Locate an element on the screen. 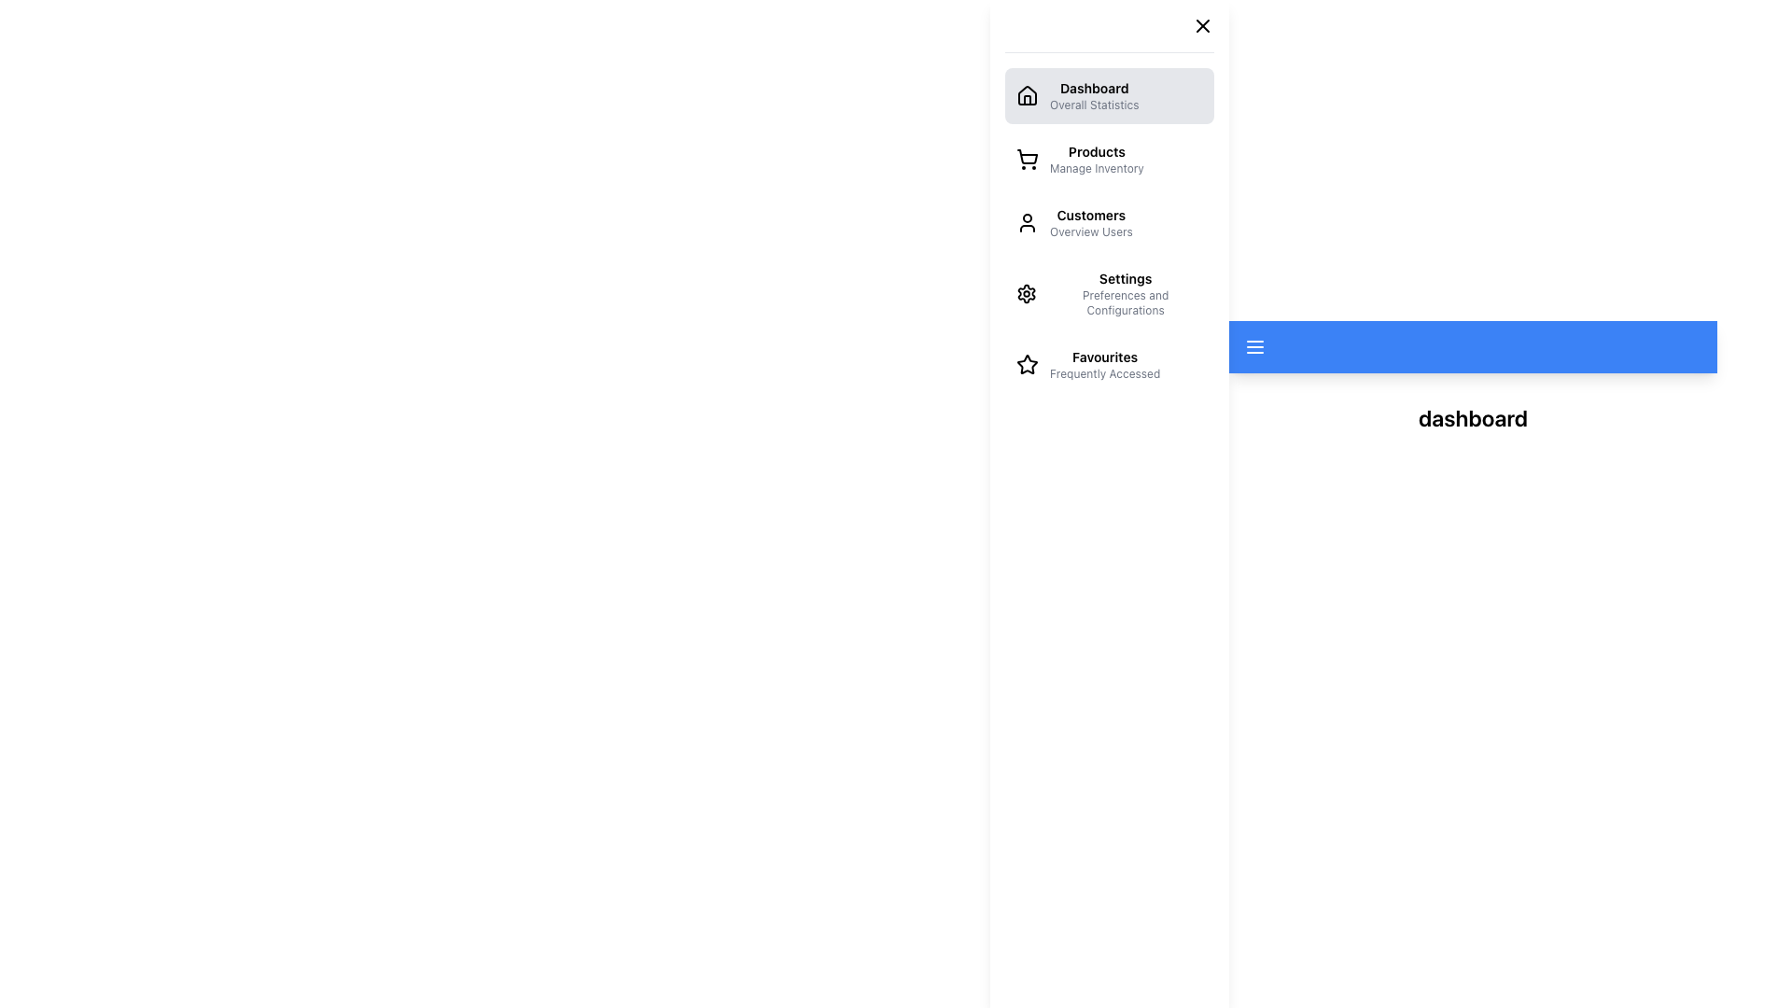  the navigation link labeled 'Favourites' in the left side menu panel, which is positioned as the fourth item in the list below 'Settings Preferences and Configurations' is located at coordinates (1105, 364).